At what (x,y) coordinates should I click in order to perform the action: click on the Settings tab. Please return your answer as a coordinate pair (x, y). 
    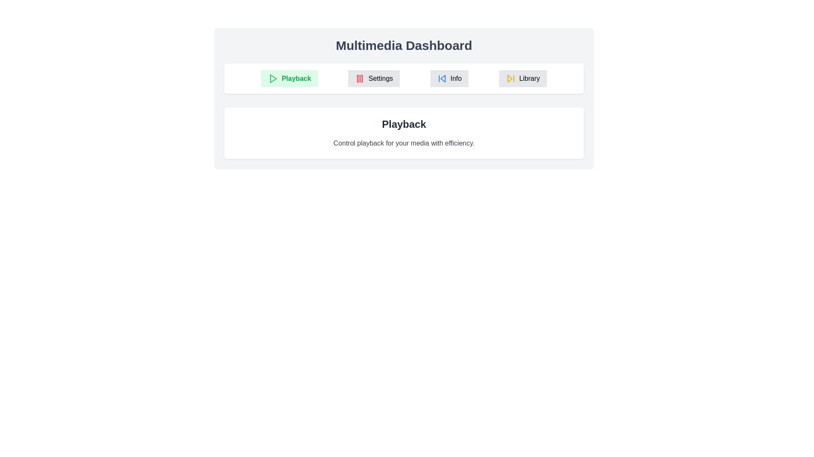
    Looking at the image, I should click on (374, 78).